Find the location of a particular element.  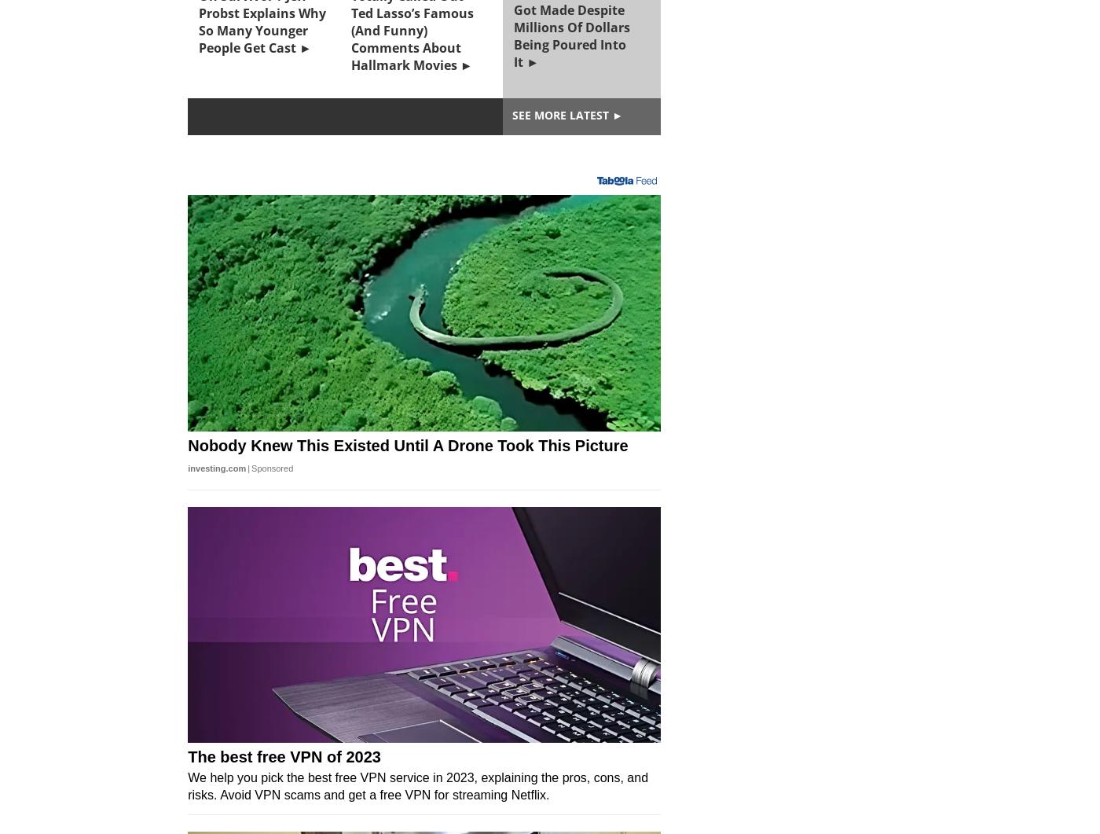

'90 Day Fiancé: The Other Way's Gabe Paboga Alleges Cast Member Made Transphobic Comments During Deleted Tell-All Scene' is located at coordinates (187, 460).